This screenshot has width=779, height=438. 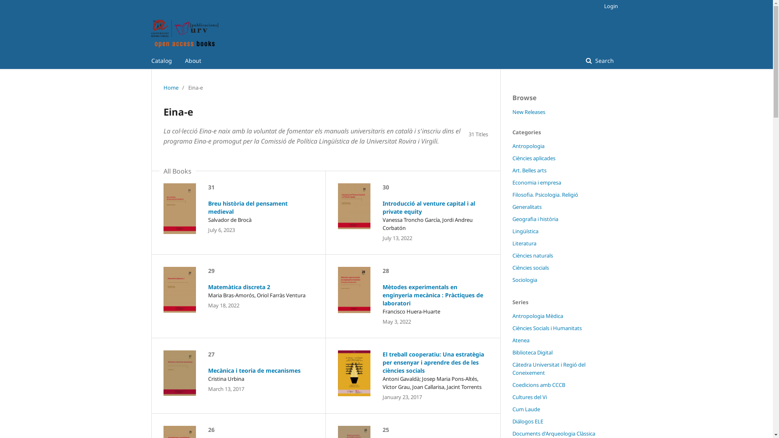 I want to click on 'Catalog', so click(x=161, y=60).